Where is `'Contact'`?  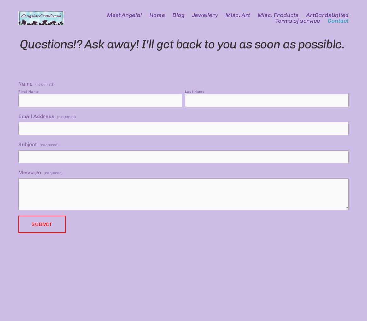
'Contact' is located at coordinates (338, 21).